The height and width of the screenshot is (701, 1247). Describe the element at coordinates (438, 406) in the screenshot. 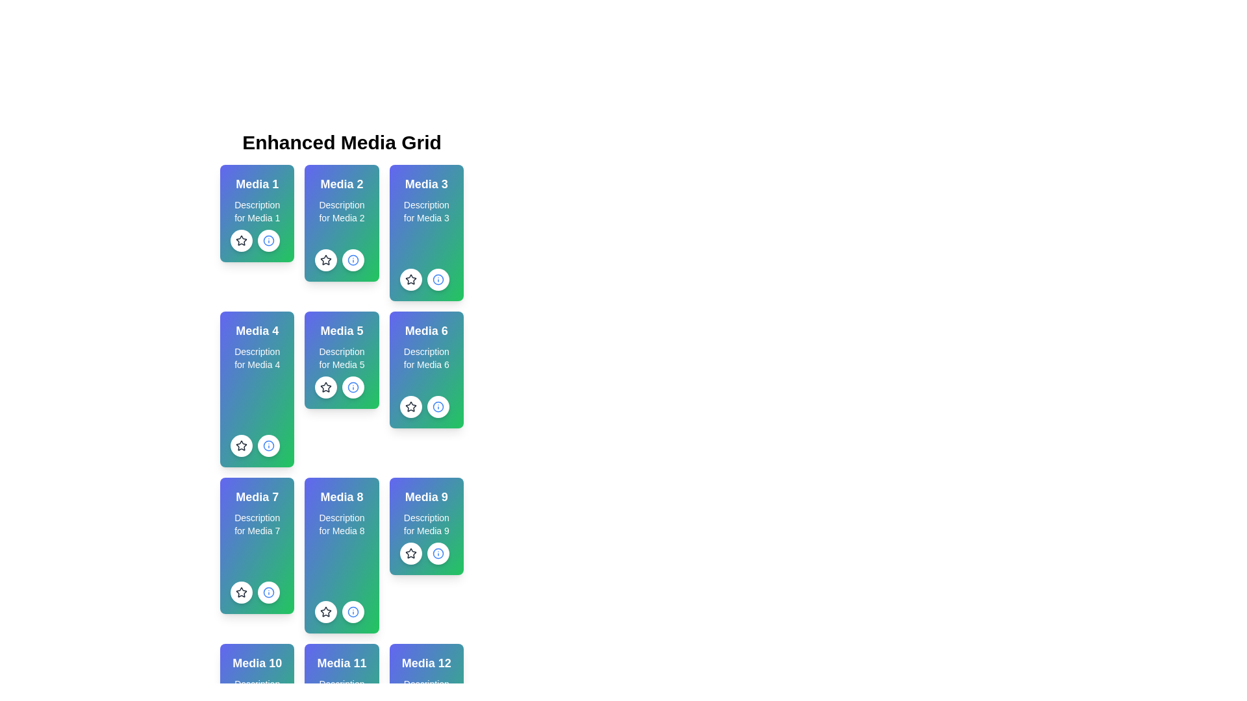

I see `the small circular button with a white background and blue border, located at the bottom-right corner of the 'Media 6' card` at that location.